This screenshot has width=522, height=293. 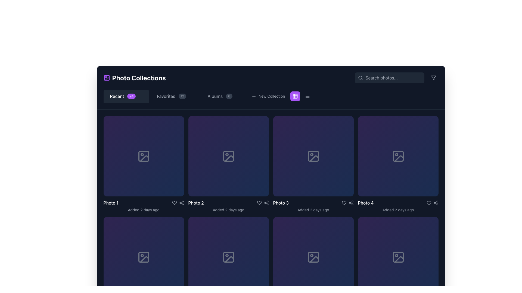 What do you see at coordinates (228, 156) in the screenshot?
I see `the IconButton located in the second cell of the top row of the grid layout, which allows users to download content associated with the displayed image` at bounding box center [228, 156].